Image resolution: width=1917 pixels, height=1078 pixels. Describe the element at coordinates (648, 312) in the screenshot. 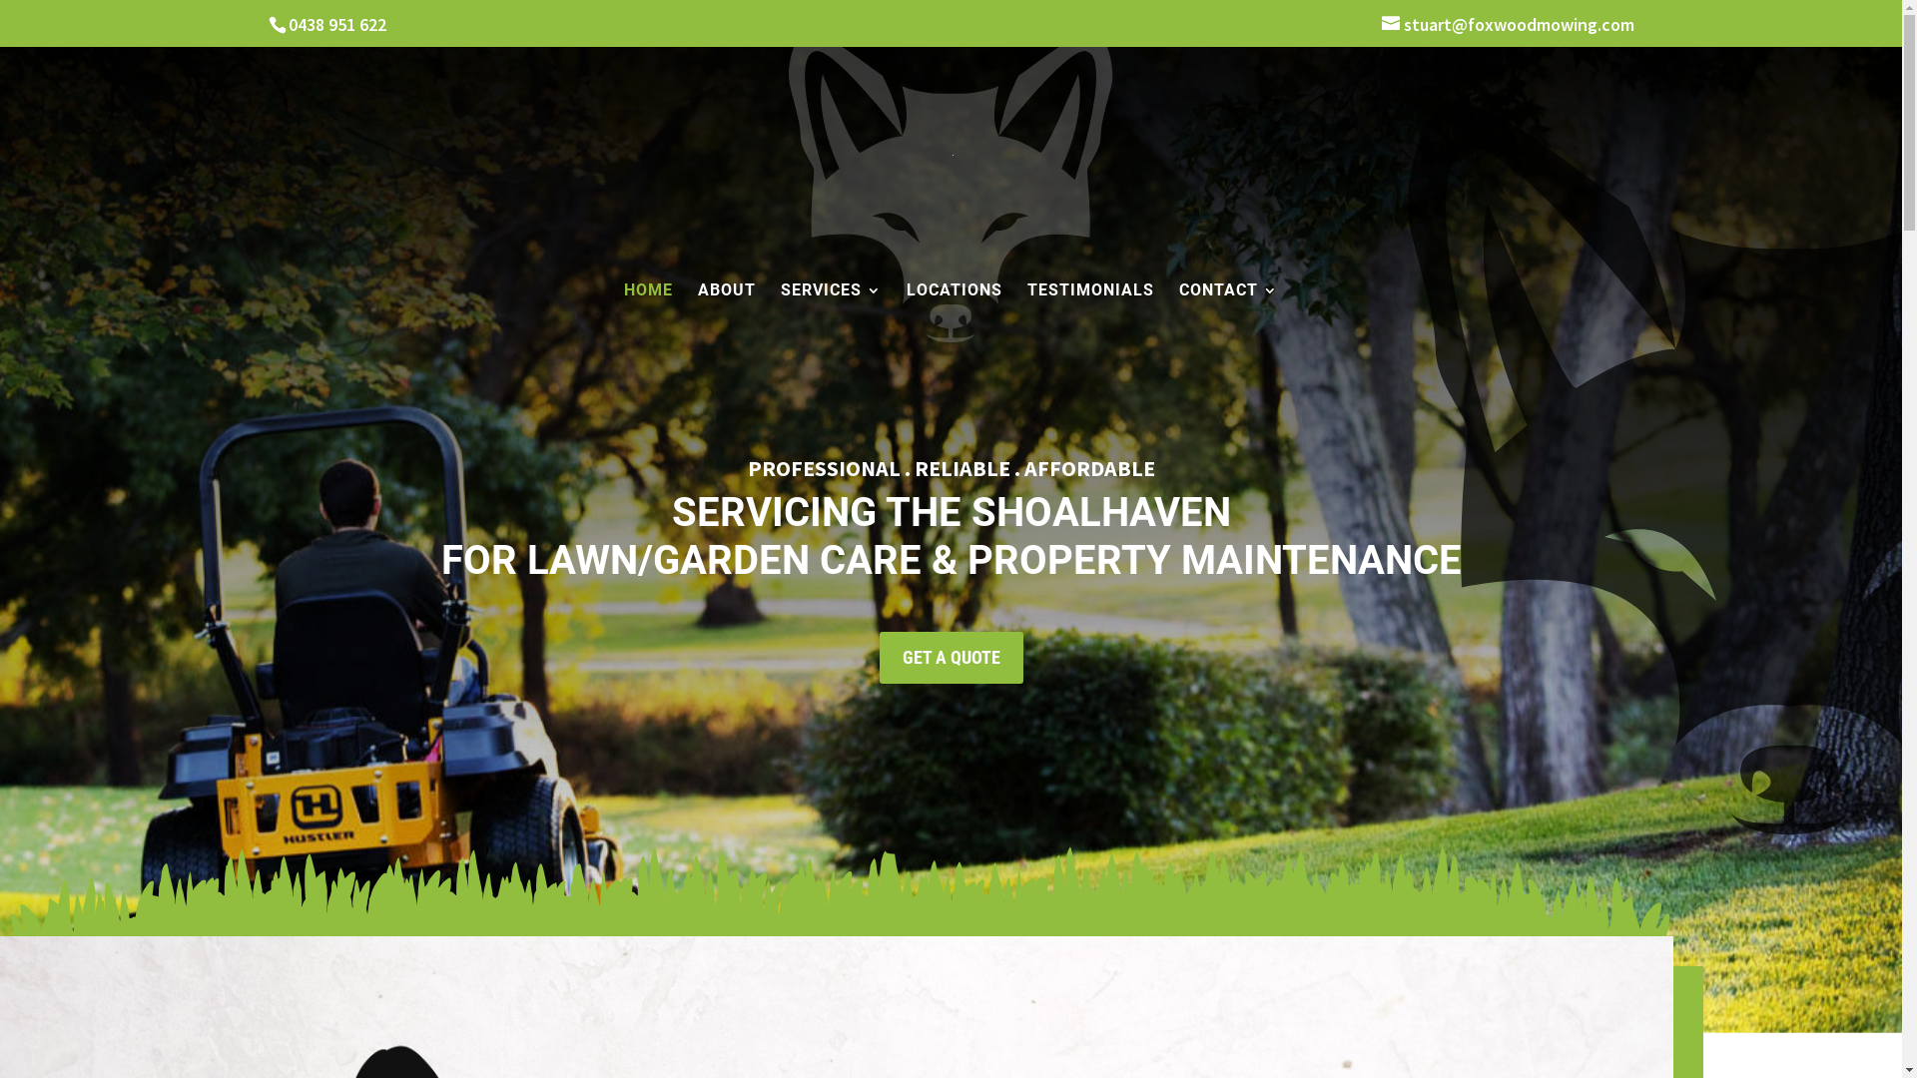

I see `'HOME'` at that location.